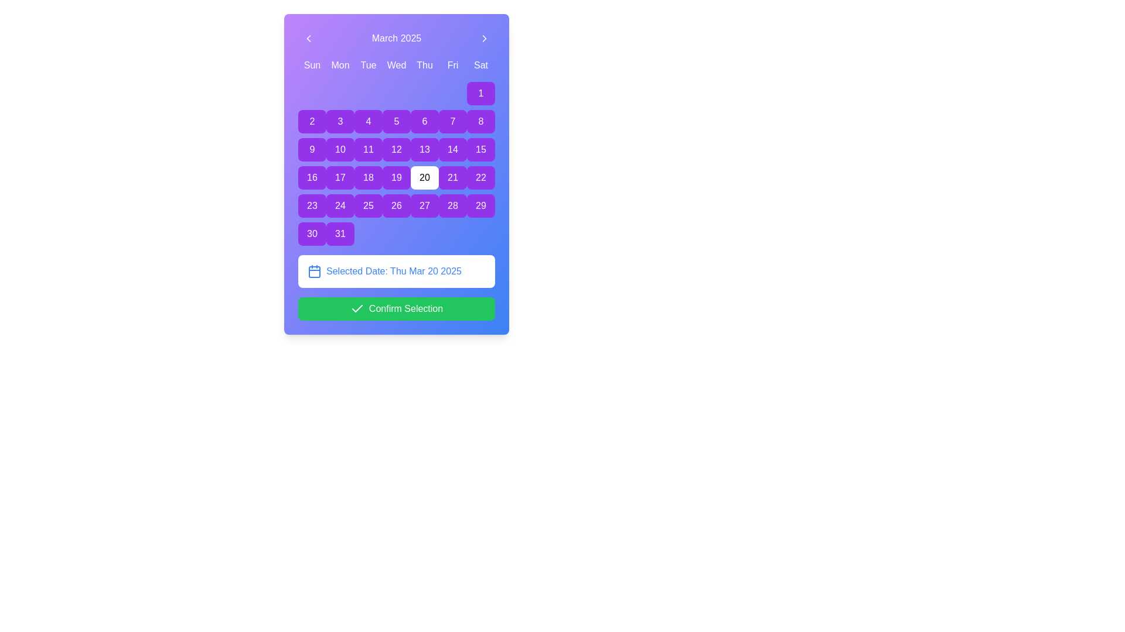  What do you see at coordinates (394, 271) in the screenshot?
I see `the text label that displays the currently selected date from the calendar, which is centrally placed within a white rectangular box below the calendar grid and above the green confirmation button` at bounding box center [394, 271].